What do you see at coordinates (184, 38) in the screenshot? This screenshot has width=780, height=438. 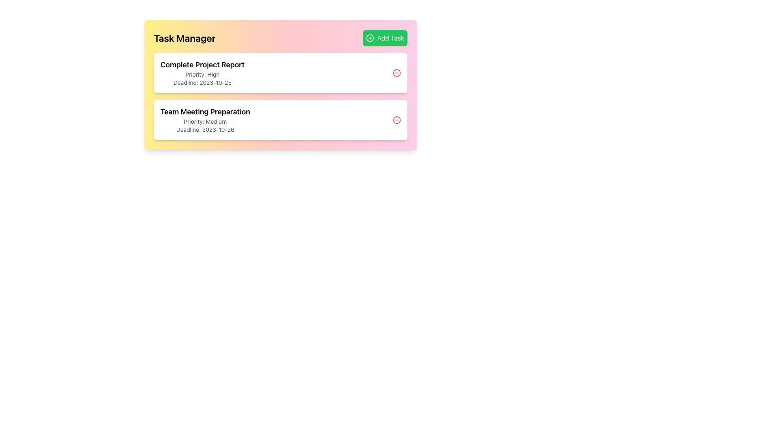 I see `text from the main title or heading located in the top-left area of the interface, which indicates the functionality or purpose of the section below it` at bounding box center [184, 38].